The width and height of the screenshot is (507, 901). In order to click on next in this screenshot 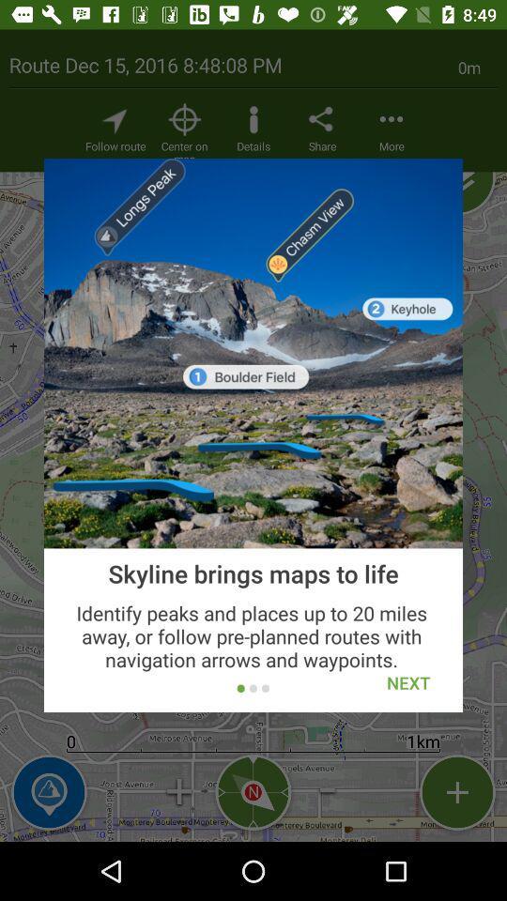, I will do `click(407, 681)`.